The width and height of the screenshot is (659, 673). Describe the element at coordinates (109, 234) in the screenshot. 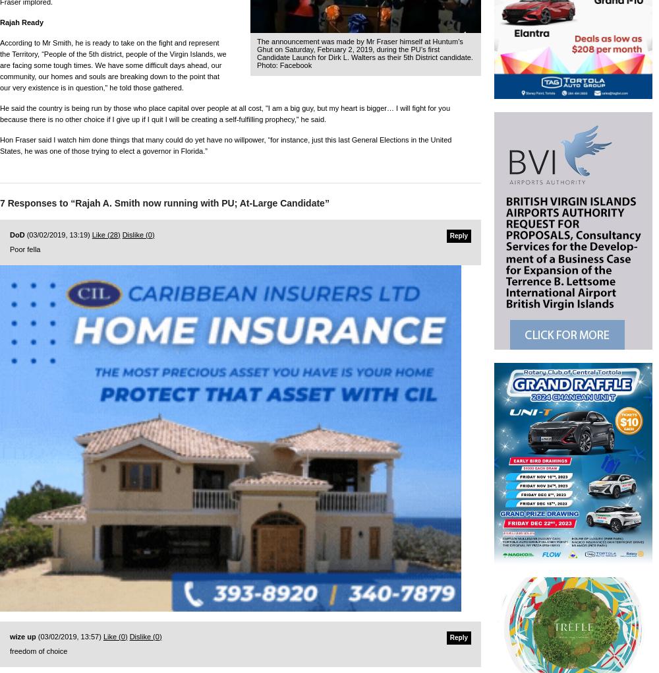

I see `'28'` at that location.